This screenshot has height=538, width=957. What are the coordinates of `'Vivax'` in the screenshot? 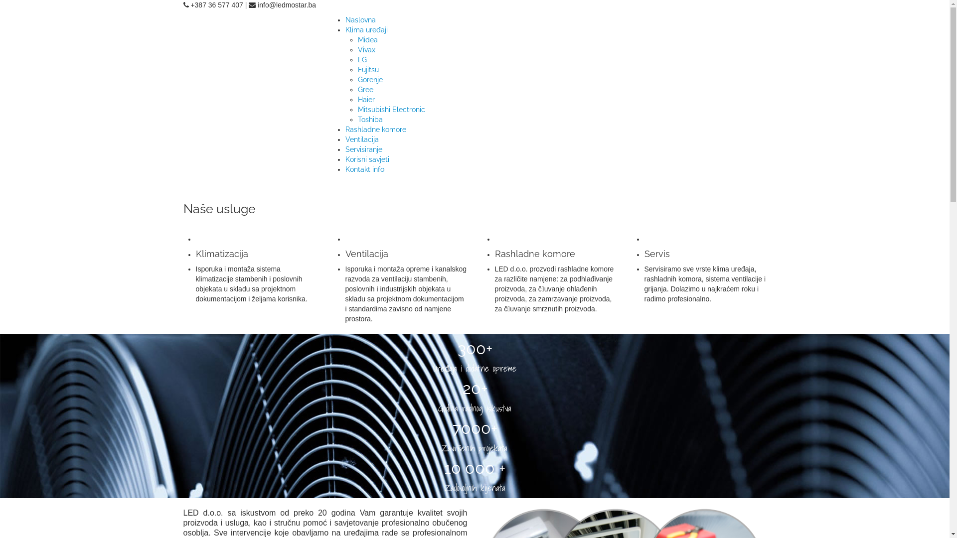 It's located at (366, 50).